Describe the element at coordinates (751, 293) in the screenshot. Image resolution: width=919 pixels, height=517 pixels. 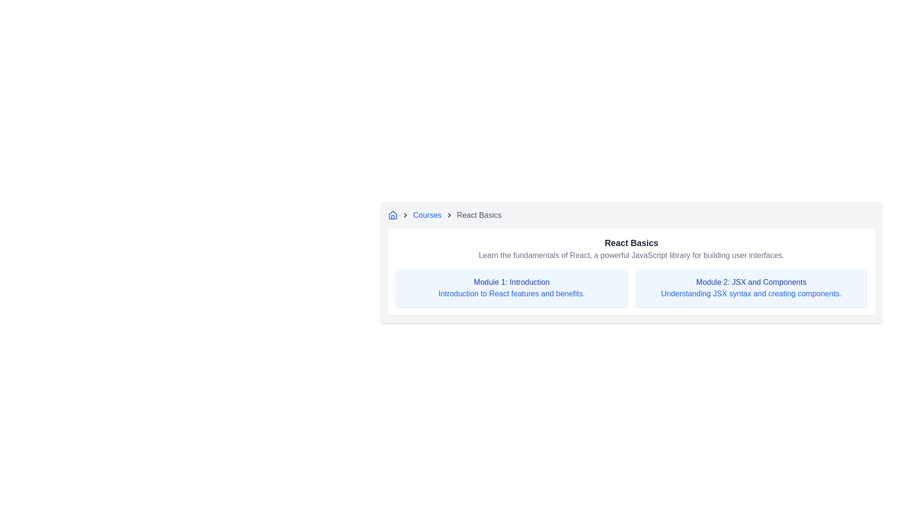
I see `the static text component that displays 'Understanding JSX syntax and creating components.' located within a light blue box, positioned below the heading 'Module 2: JSX and Components'` at that location.